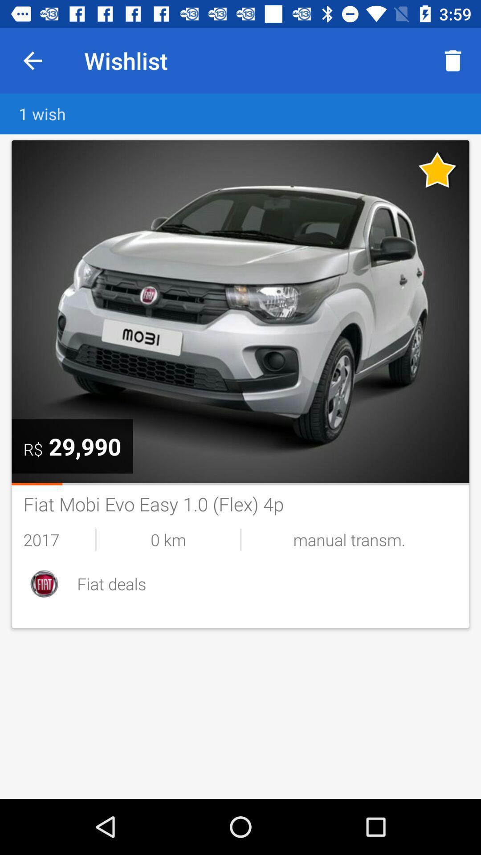 The image size is (481, 855). I want to click on the icon to the right of wishlist icon, so click(453, 60).